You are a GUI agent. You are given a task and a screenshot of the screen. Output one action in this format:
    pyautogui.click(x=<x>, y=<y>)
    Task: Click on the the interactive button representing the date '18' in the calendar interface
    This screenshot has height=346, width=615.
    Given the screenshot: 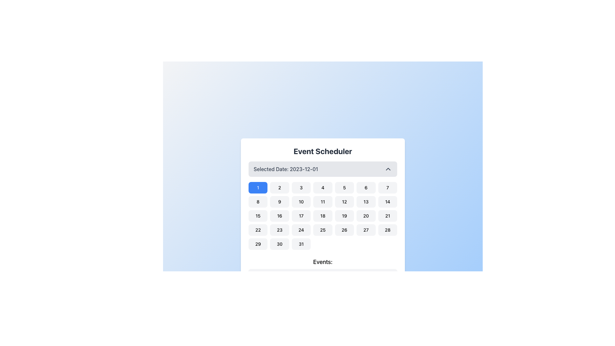 What is the action you would take?
    pyautogui.click(x=323, y=216)
    